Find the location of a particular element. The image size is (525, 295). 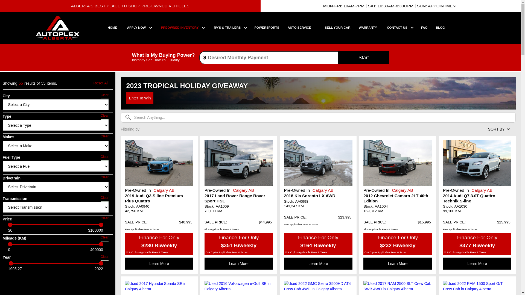

'WARRANTY' is located at coordinates (367, 28).